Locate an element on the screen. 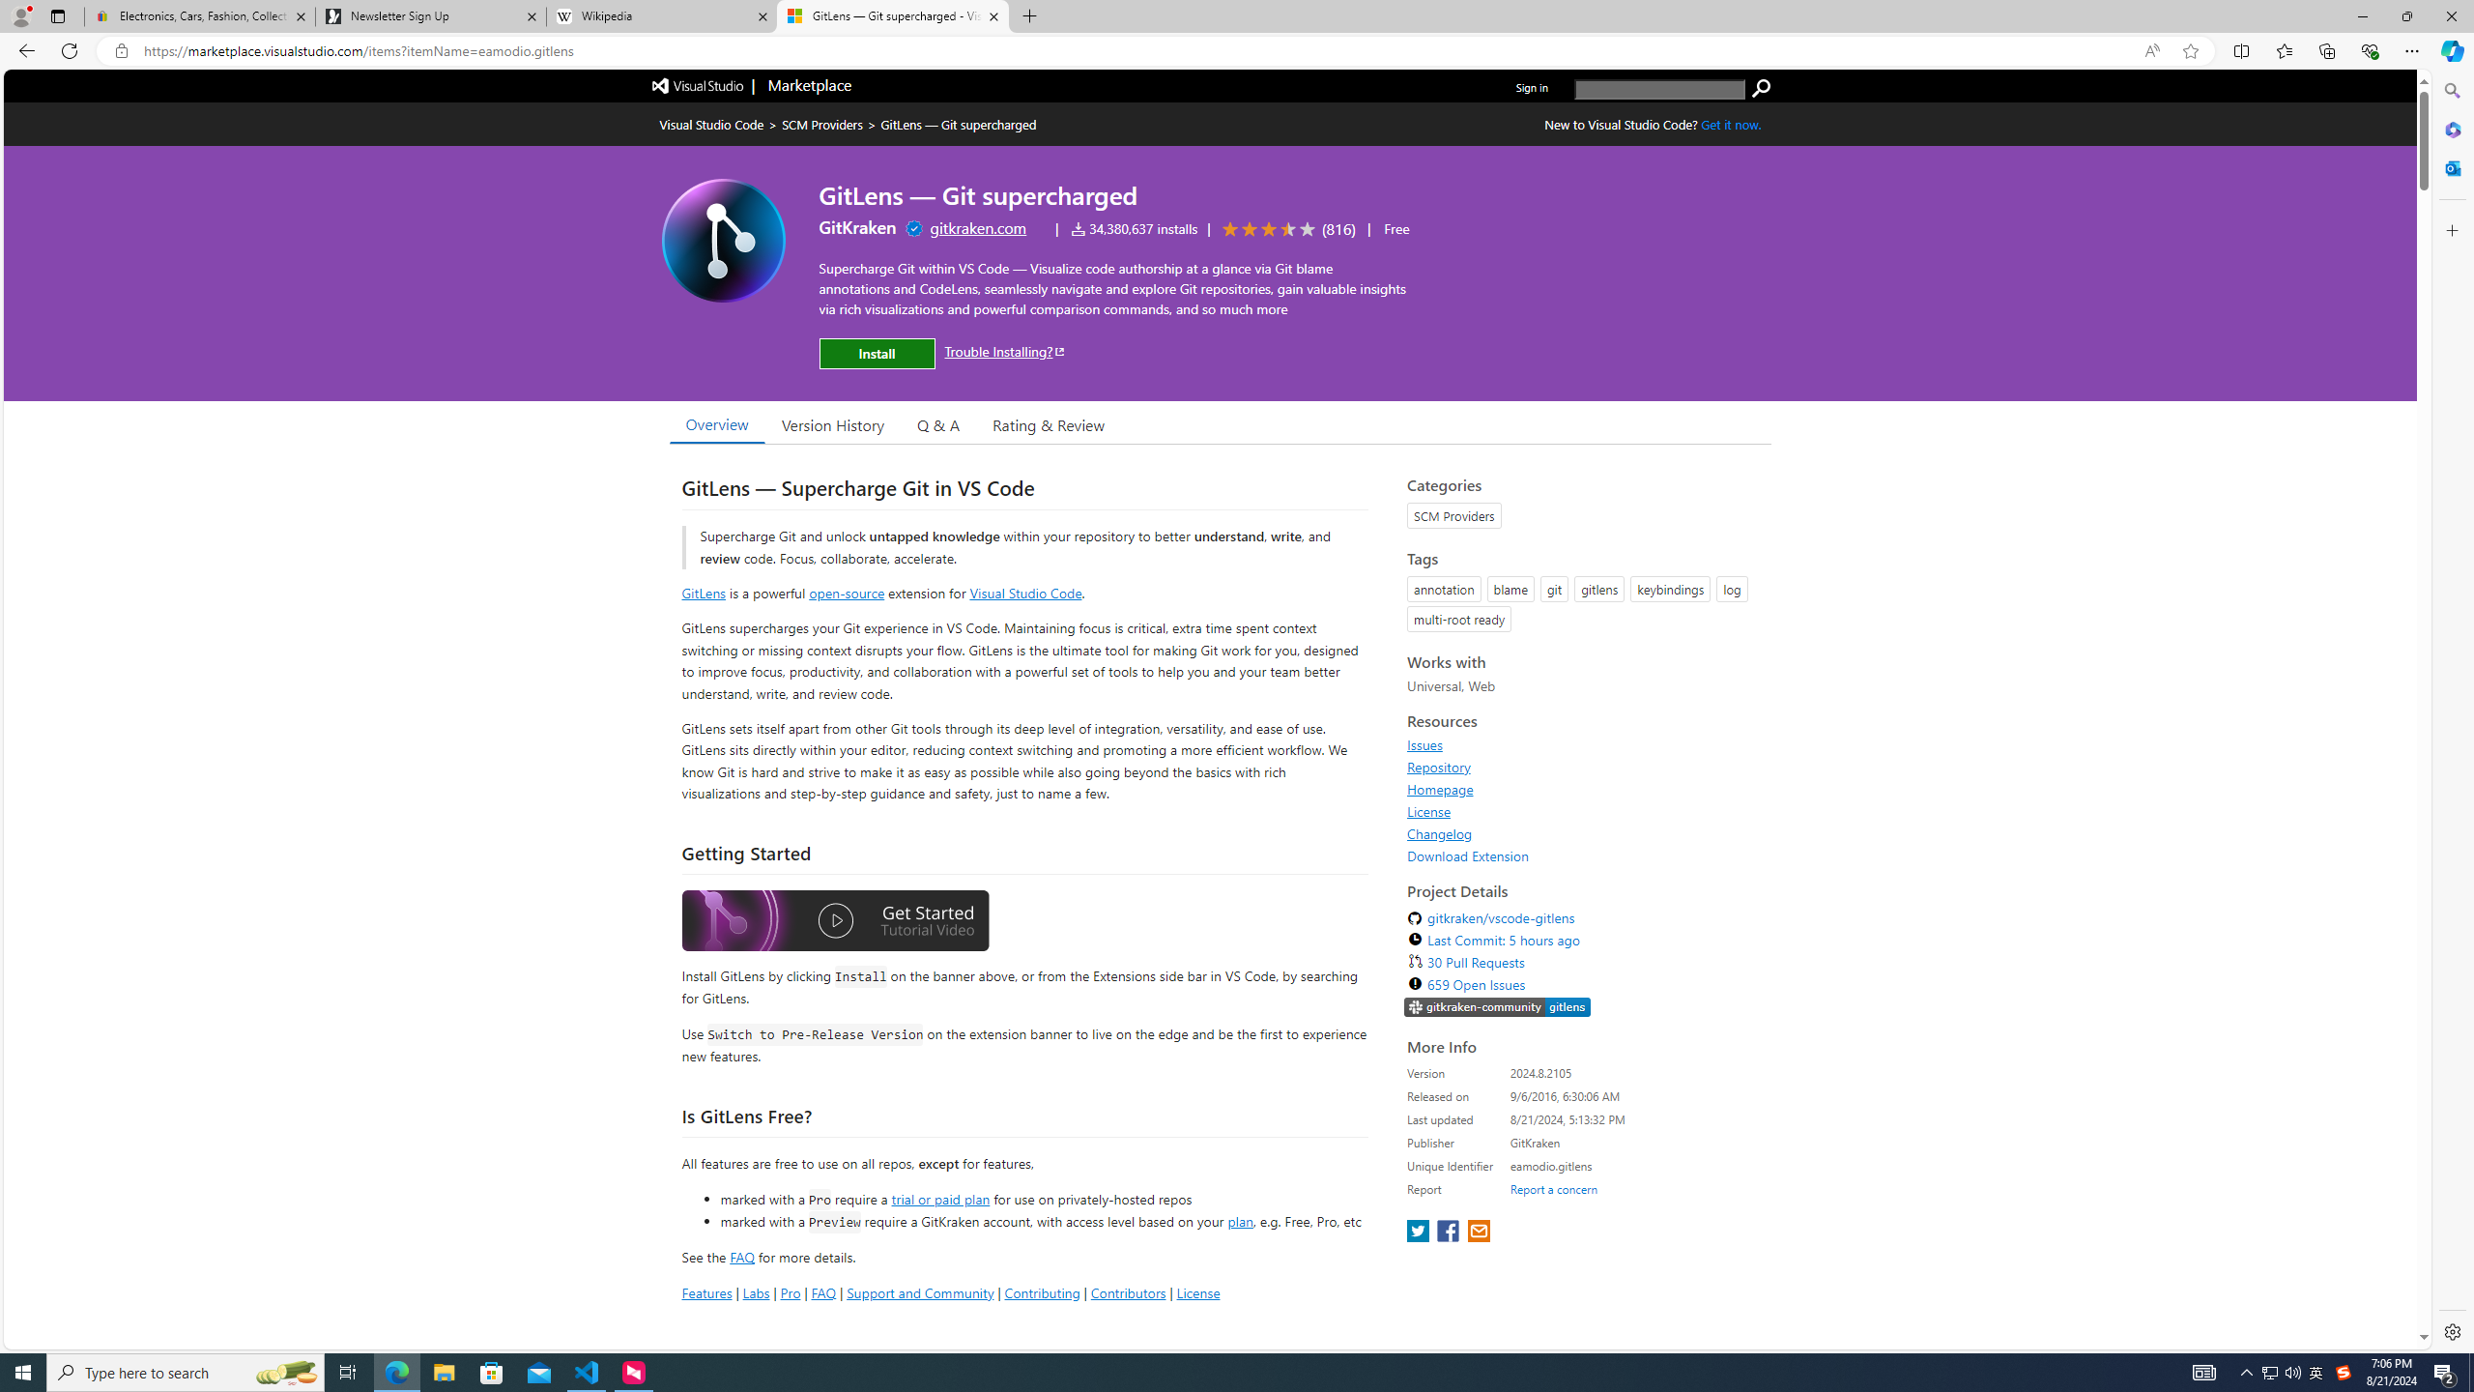  'Changelog' is located at coordinates (1438, 832).